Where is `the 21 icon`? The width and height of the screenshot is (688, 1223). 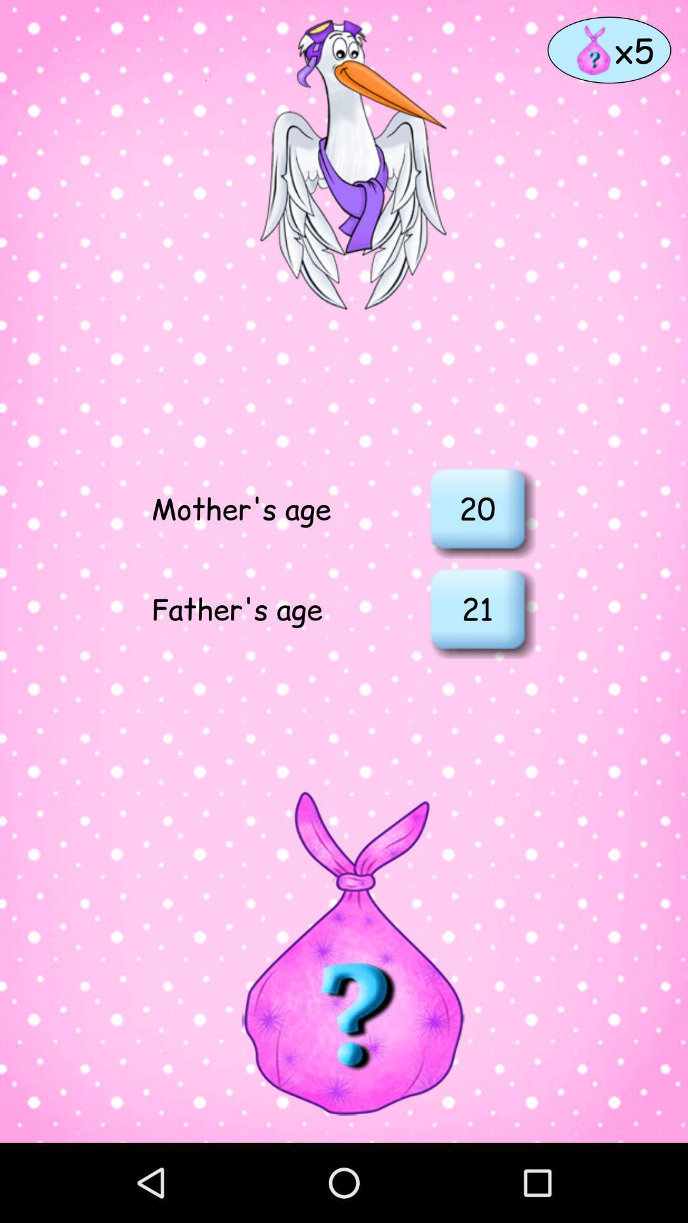
the 21 icon is located at coordinates (477, 608).